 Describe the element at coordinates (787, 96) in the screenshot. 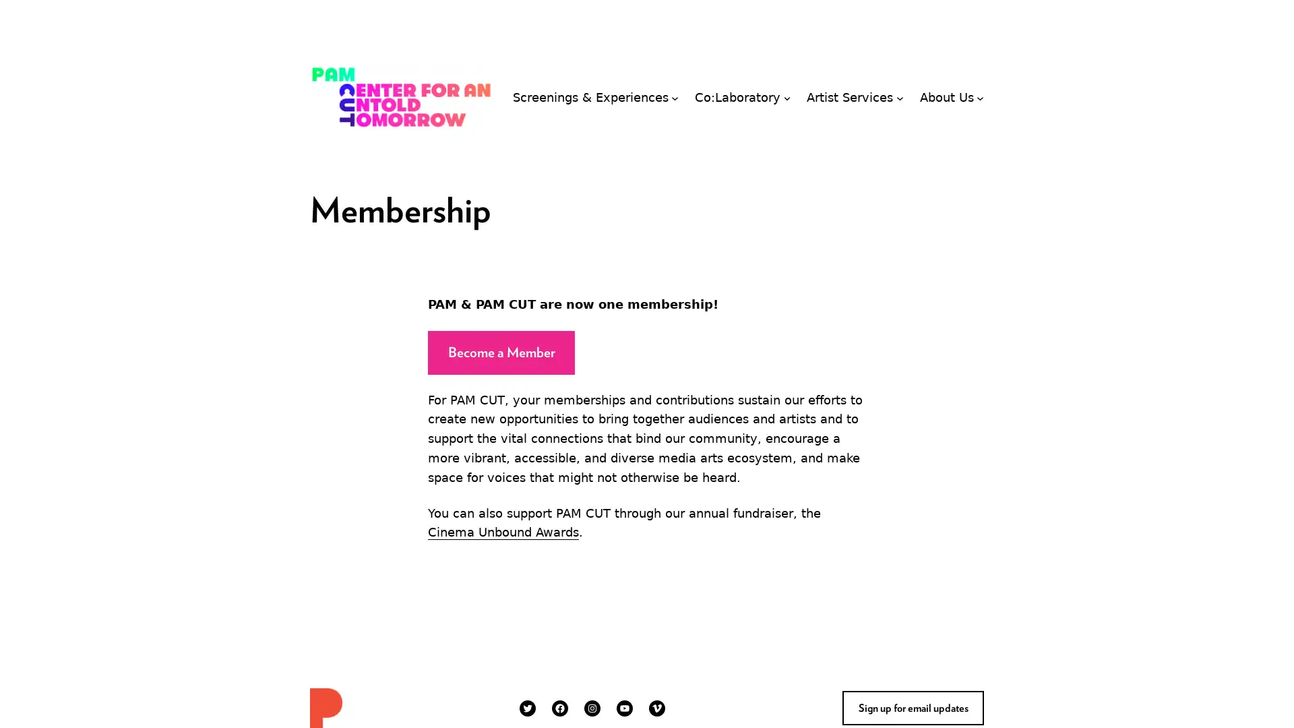

I see `Co:Laboratory submenu` at that location.